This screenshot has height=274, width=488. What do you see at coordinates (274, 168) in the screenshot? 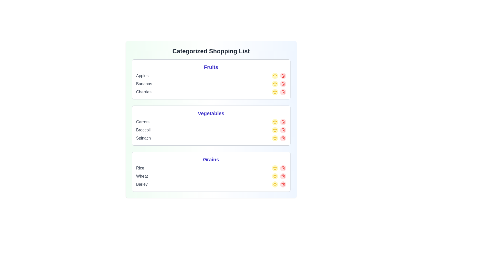
I see `the star icon of the item Rice to mark it as favorite` at bounding box center [274, 168].